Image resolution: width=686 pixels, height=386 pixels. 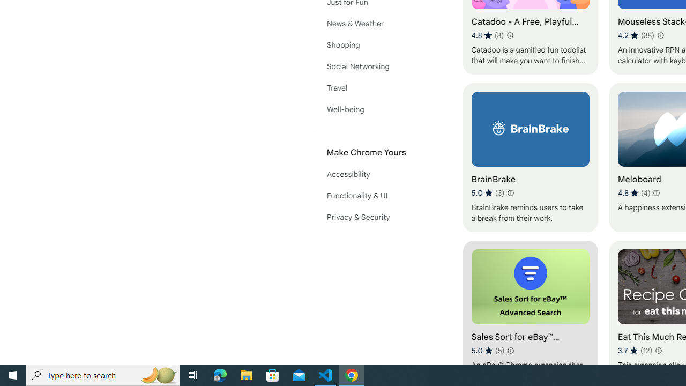 What do you see at coordinates (375, 87) in the screenshot?
I see `'Travel'` at bounding box center [375, 87].